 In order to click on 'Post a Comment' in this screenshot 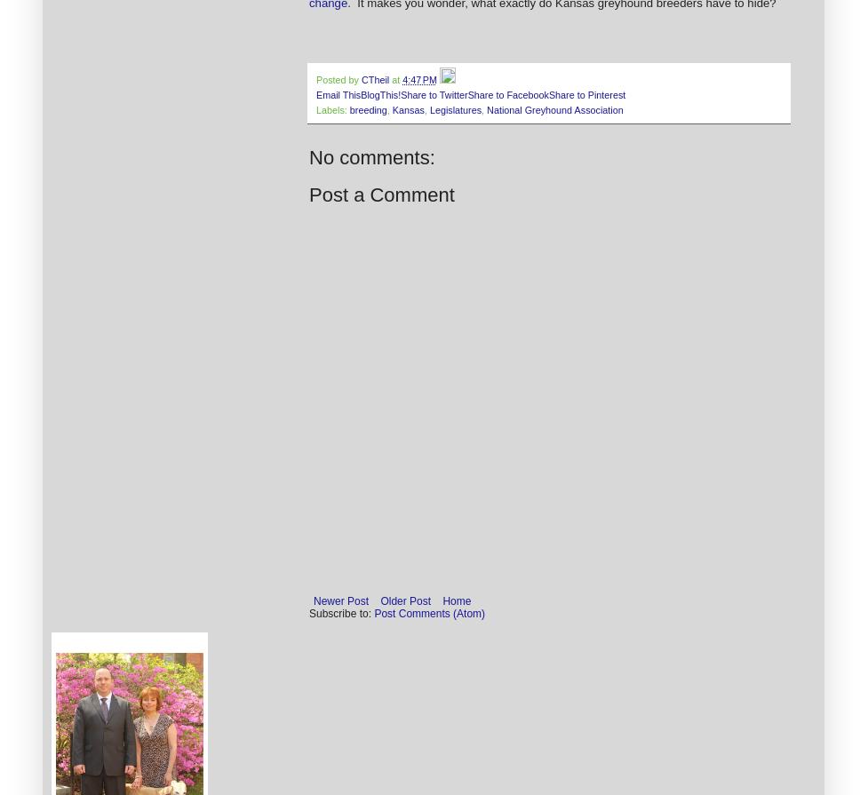, I will do `click(381, 195)`.